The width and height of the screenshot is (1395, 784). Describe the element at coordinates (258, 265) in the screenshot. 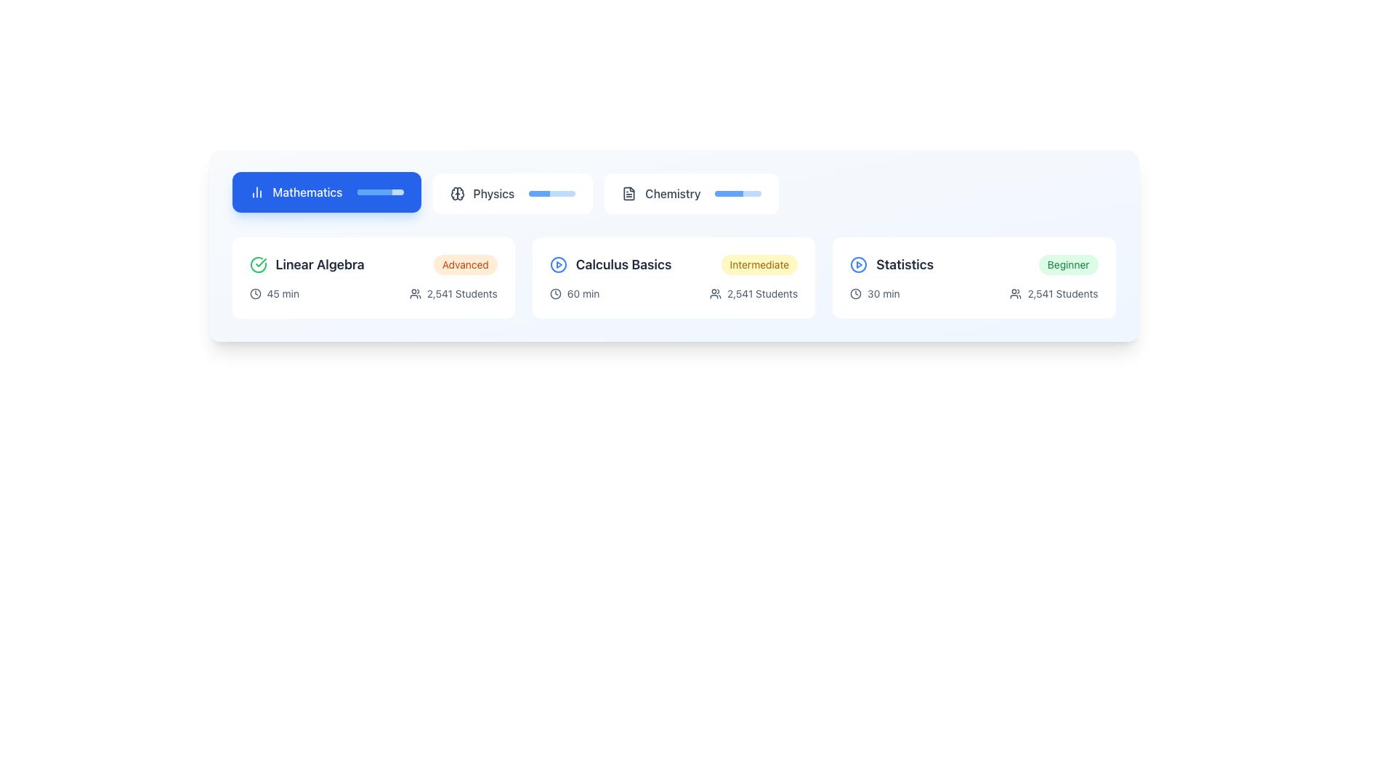

I see `the green circular icon with a checkmark symbol located on the left side of the 'Linear Algebra' card in the 'Mathematics' section` at that location.